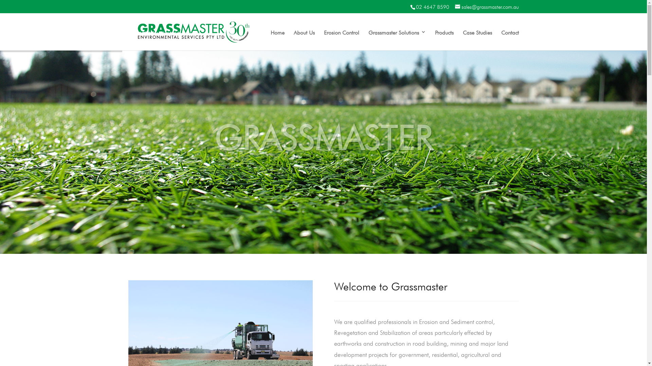 This screenshot has width=652, height=366. I want to click on 'Products', so click(444, 40).